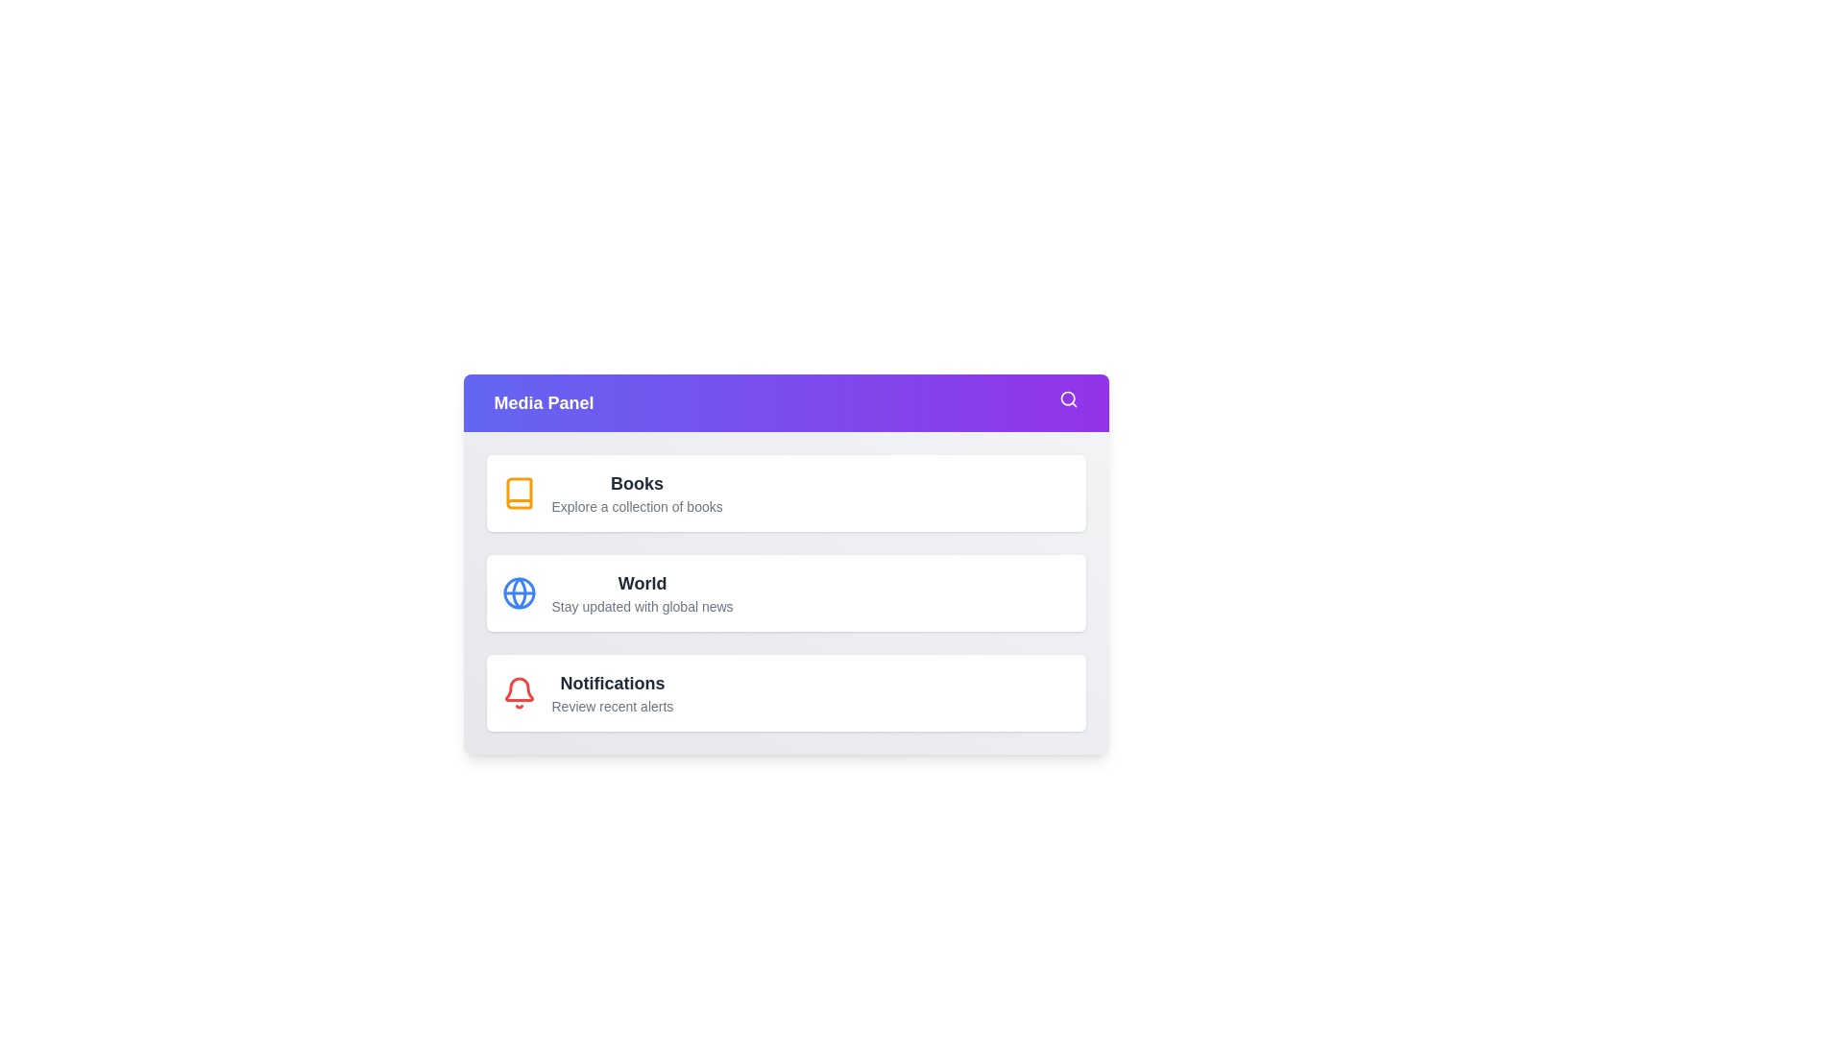  What do you see at coordinates (786, 692) in the screenshot?
I see `the menu item Notifications by clicking on it` at bounding box center [786, 692].